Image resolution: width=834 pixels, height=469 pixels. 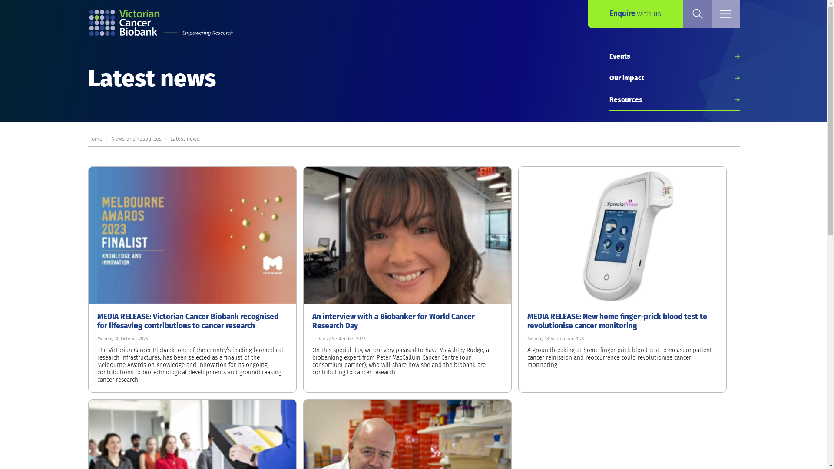 What do you see at coordinates (162, 23) in the screenshot?
I see `'Return to the home page'` at bounding box center [162, 23].